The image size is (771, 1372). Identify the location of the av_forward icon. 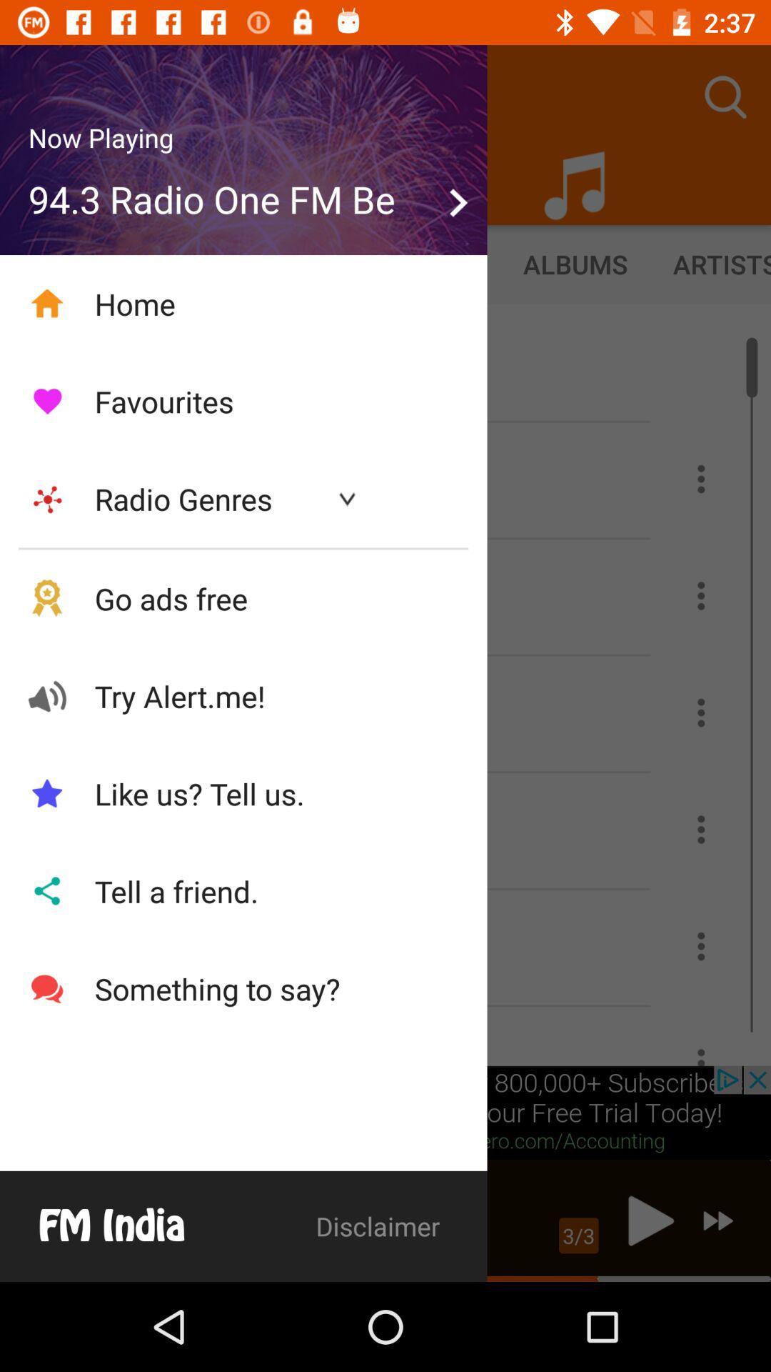
(718, 1220).